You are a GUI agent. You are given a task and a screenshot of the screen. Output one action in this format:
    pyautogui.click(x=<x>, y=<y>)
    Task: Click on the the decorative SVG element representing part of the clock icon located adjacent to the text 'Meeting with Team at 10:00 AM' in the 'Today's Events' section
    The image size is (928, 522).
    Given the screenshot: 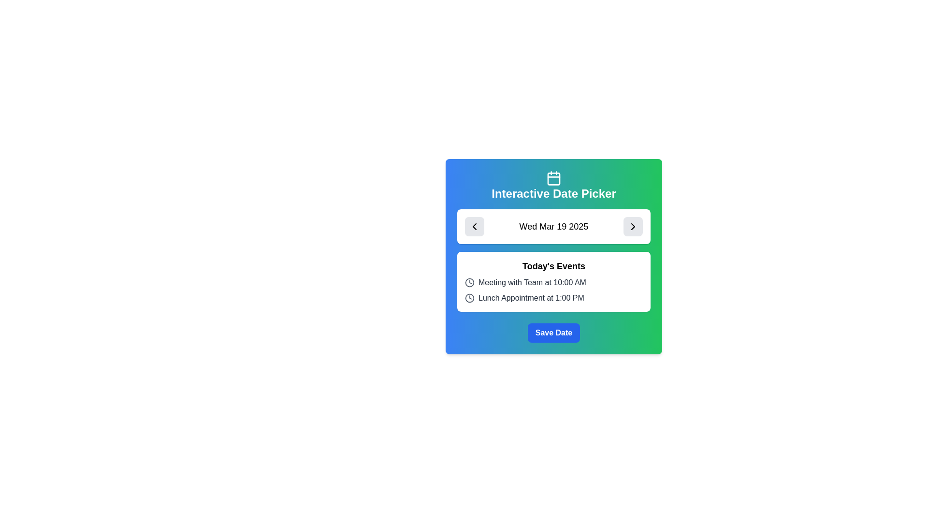 What is the action you would take?
    pyautogui.click(x=469, y=298)
    